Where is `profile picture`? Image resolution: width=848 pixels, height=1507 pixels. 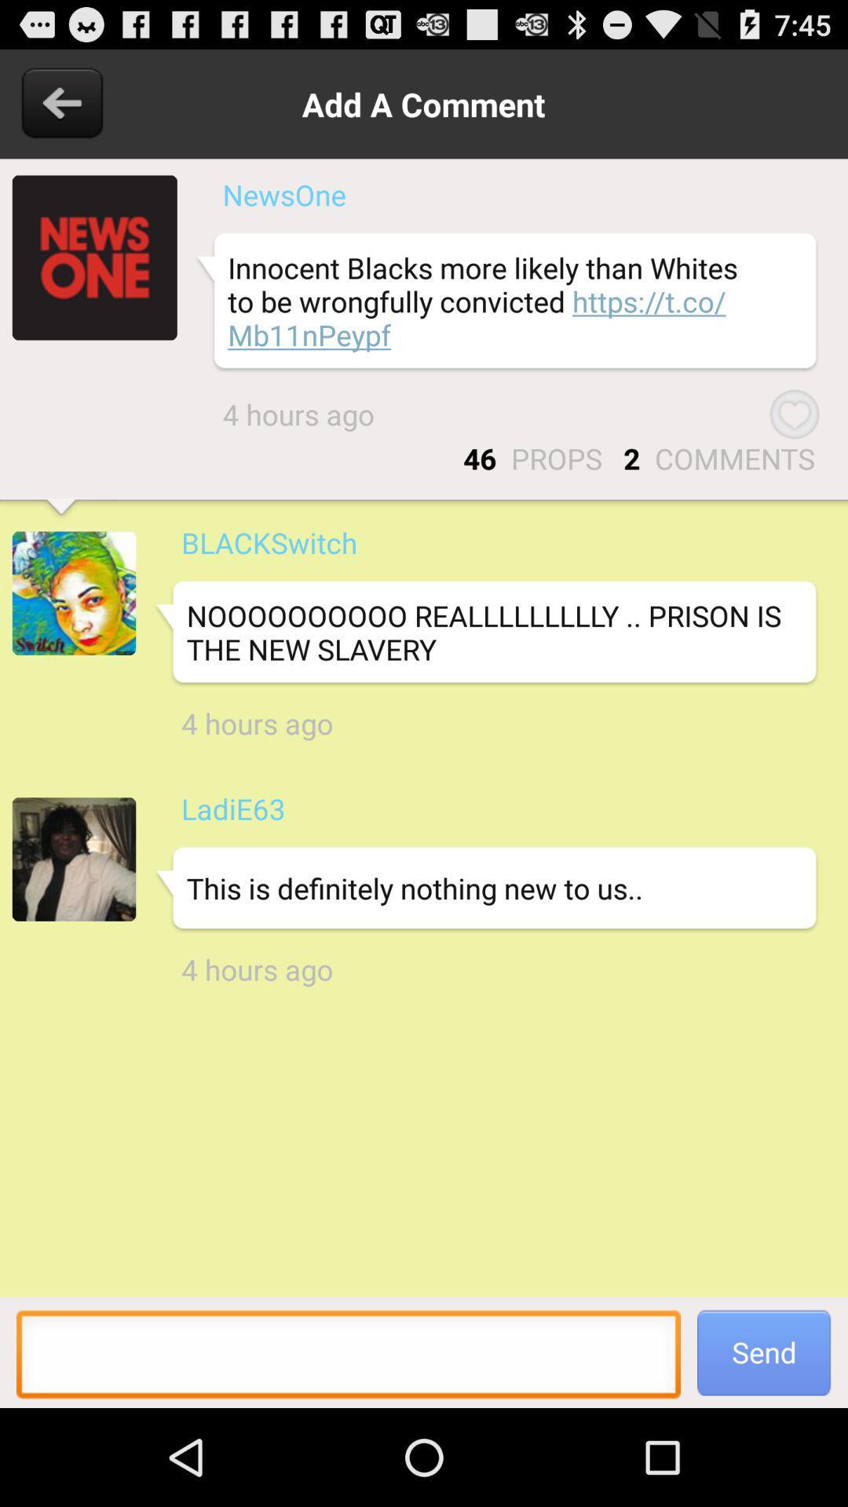
profile picture is located at coordinates (74, 592).